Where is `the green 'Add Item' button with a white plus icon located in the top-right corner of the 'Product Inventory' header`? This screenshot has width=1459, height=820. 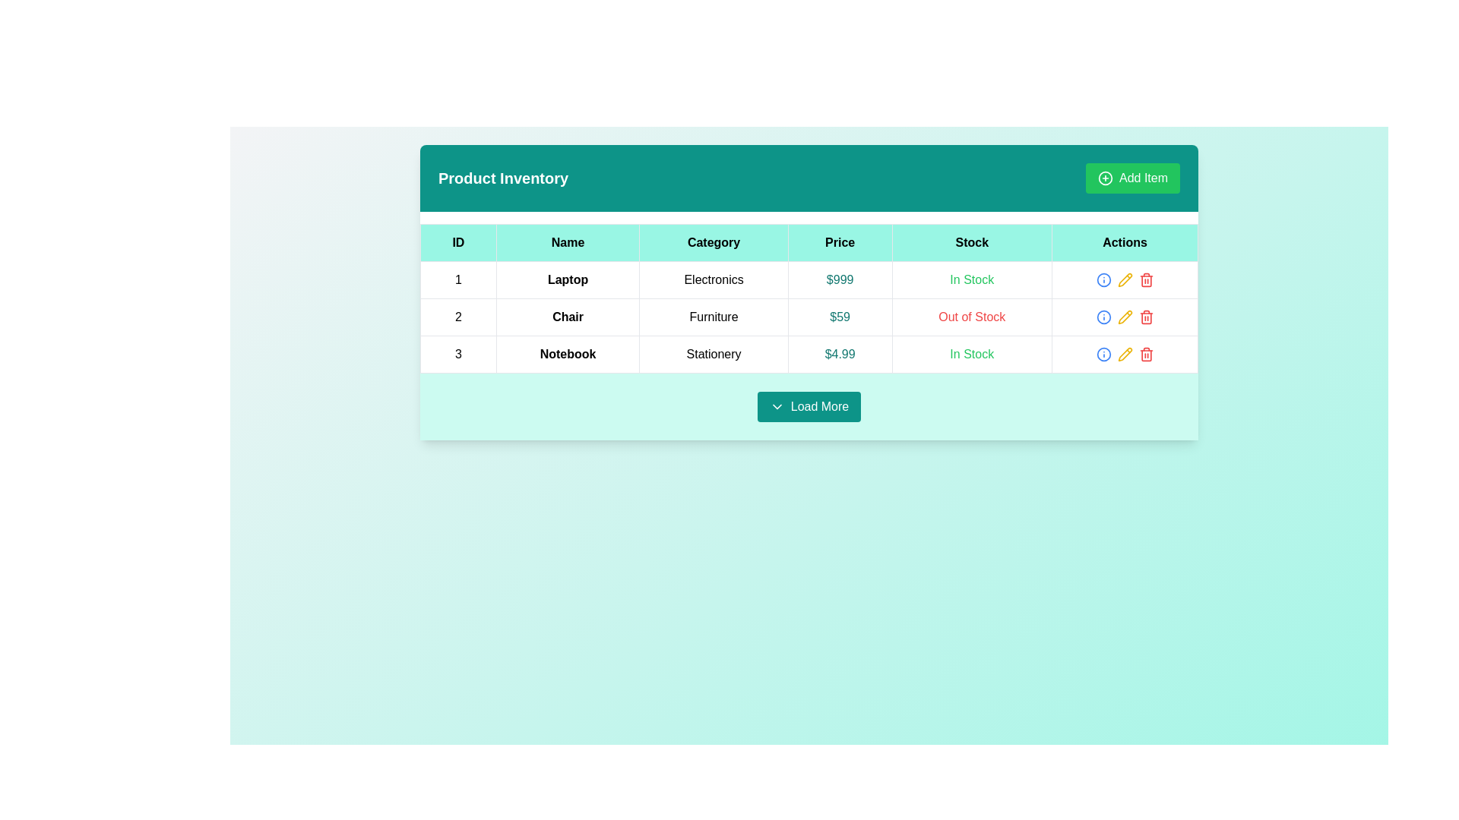 the green 'Add Item' button with a white plus icon located in the top-right corner of the 'Product Inventory' header is located at coordinates (1133, 178).